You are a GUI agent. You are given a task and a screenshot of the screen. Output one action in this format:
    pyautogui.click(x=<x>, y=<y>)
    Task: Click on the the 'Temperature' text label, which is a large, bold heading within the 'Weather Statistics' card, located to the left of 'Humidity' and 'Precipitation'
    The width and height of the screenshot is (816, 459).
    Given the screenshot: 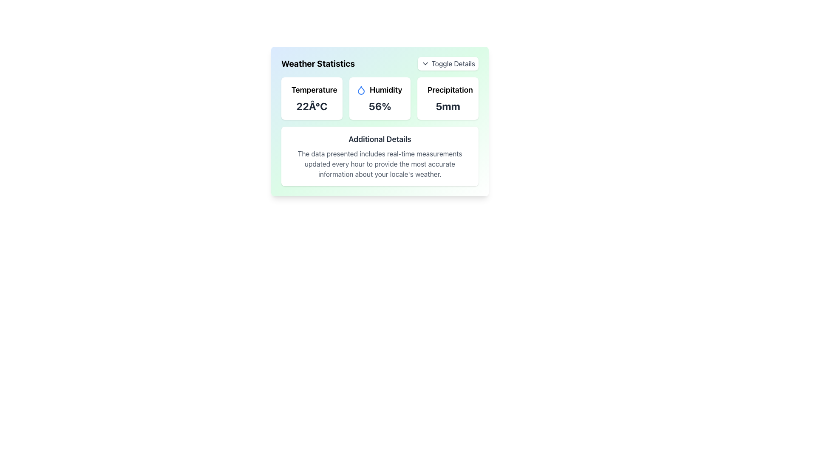 What is the action you would take?
    pyautogui.click(x=314, y=90)
    